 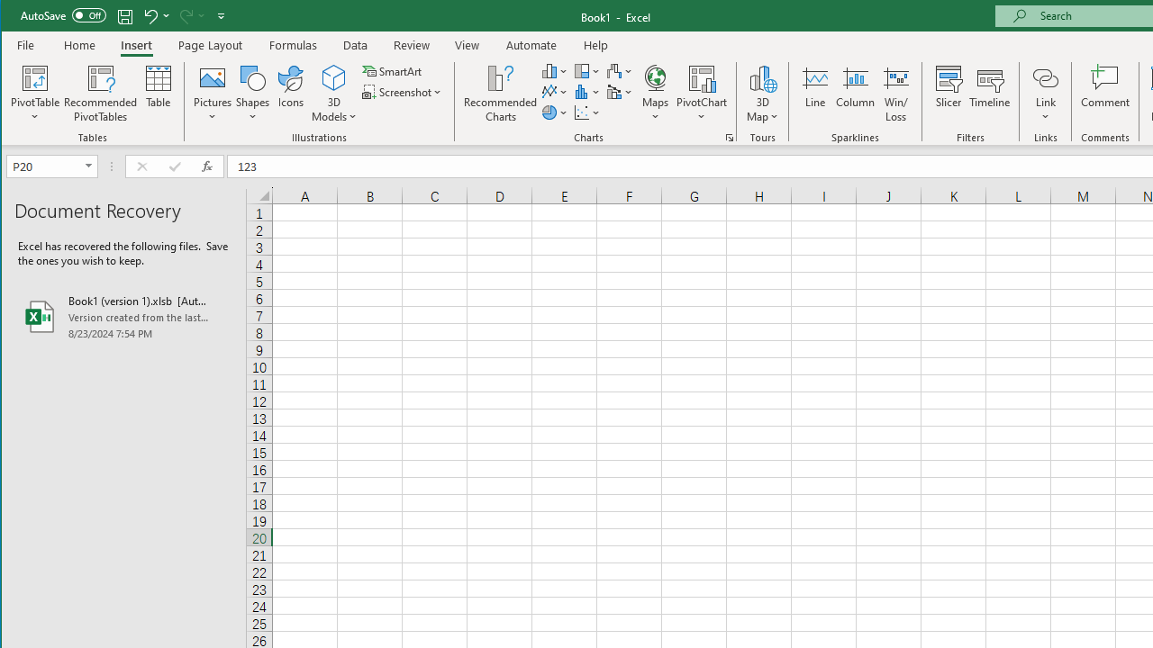 I want to click on 'Automate', so click(x=531, y=44).